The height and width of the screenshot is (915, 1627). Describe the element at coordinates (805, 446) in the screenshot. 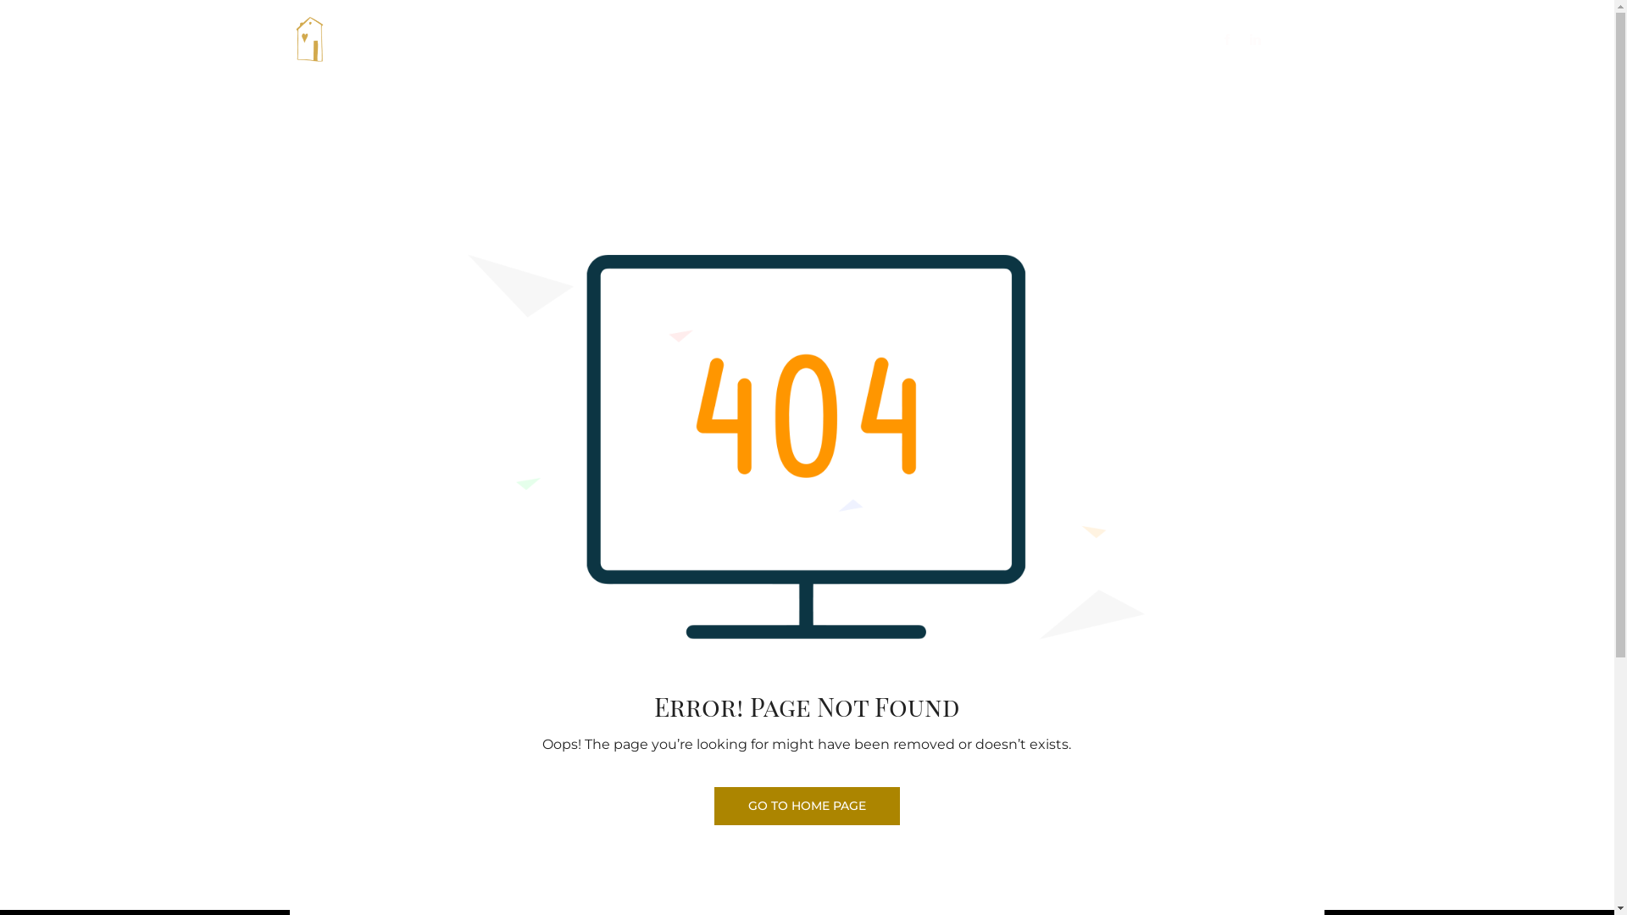

I see `'404-not-found-error'` at that location.